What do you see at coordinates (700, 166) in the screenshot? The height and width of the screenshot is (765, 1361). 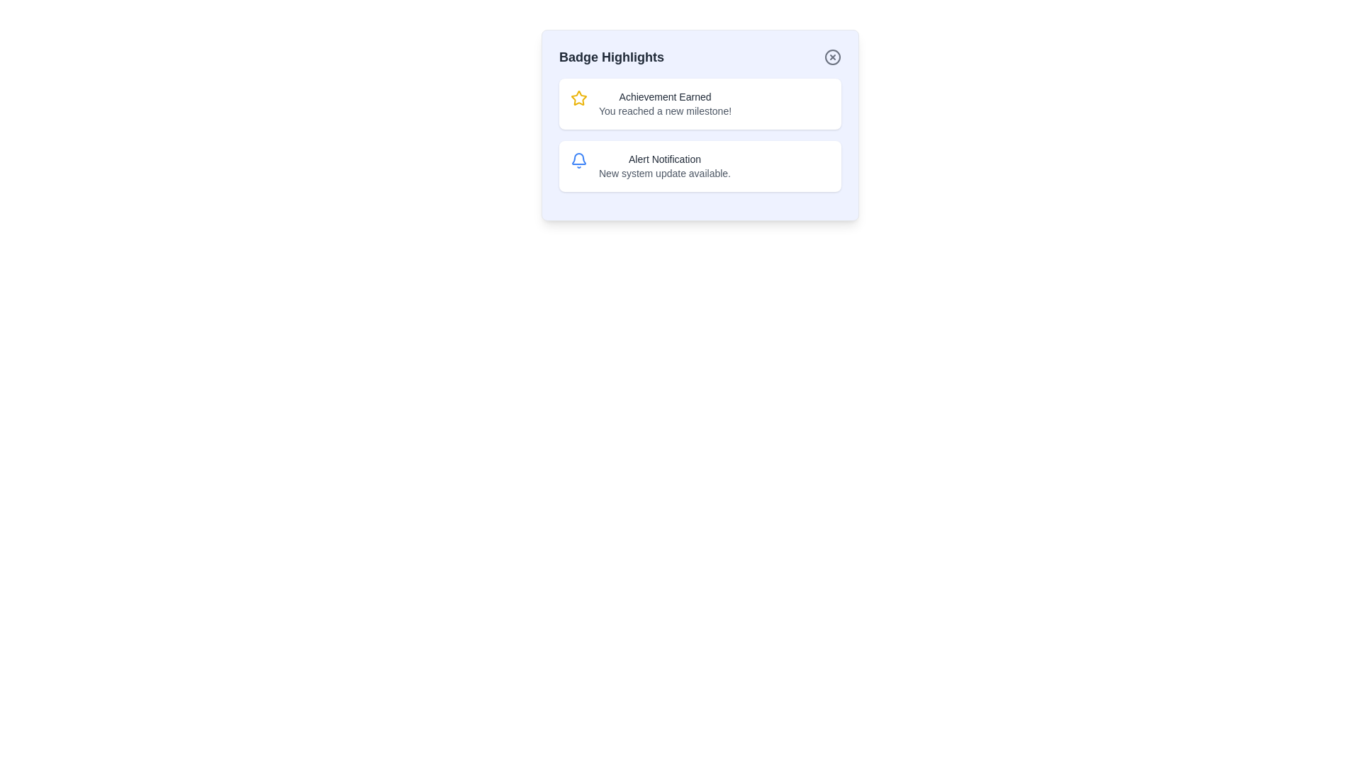 I see `the second notification card in the 'Badge Highlights' section, which provides information about a new system update` at bounding box center [700, 166].